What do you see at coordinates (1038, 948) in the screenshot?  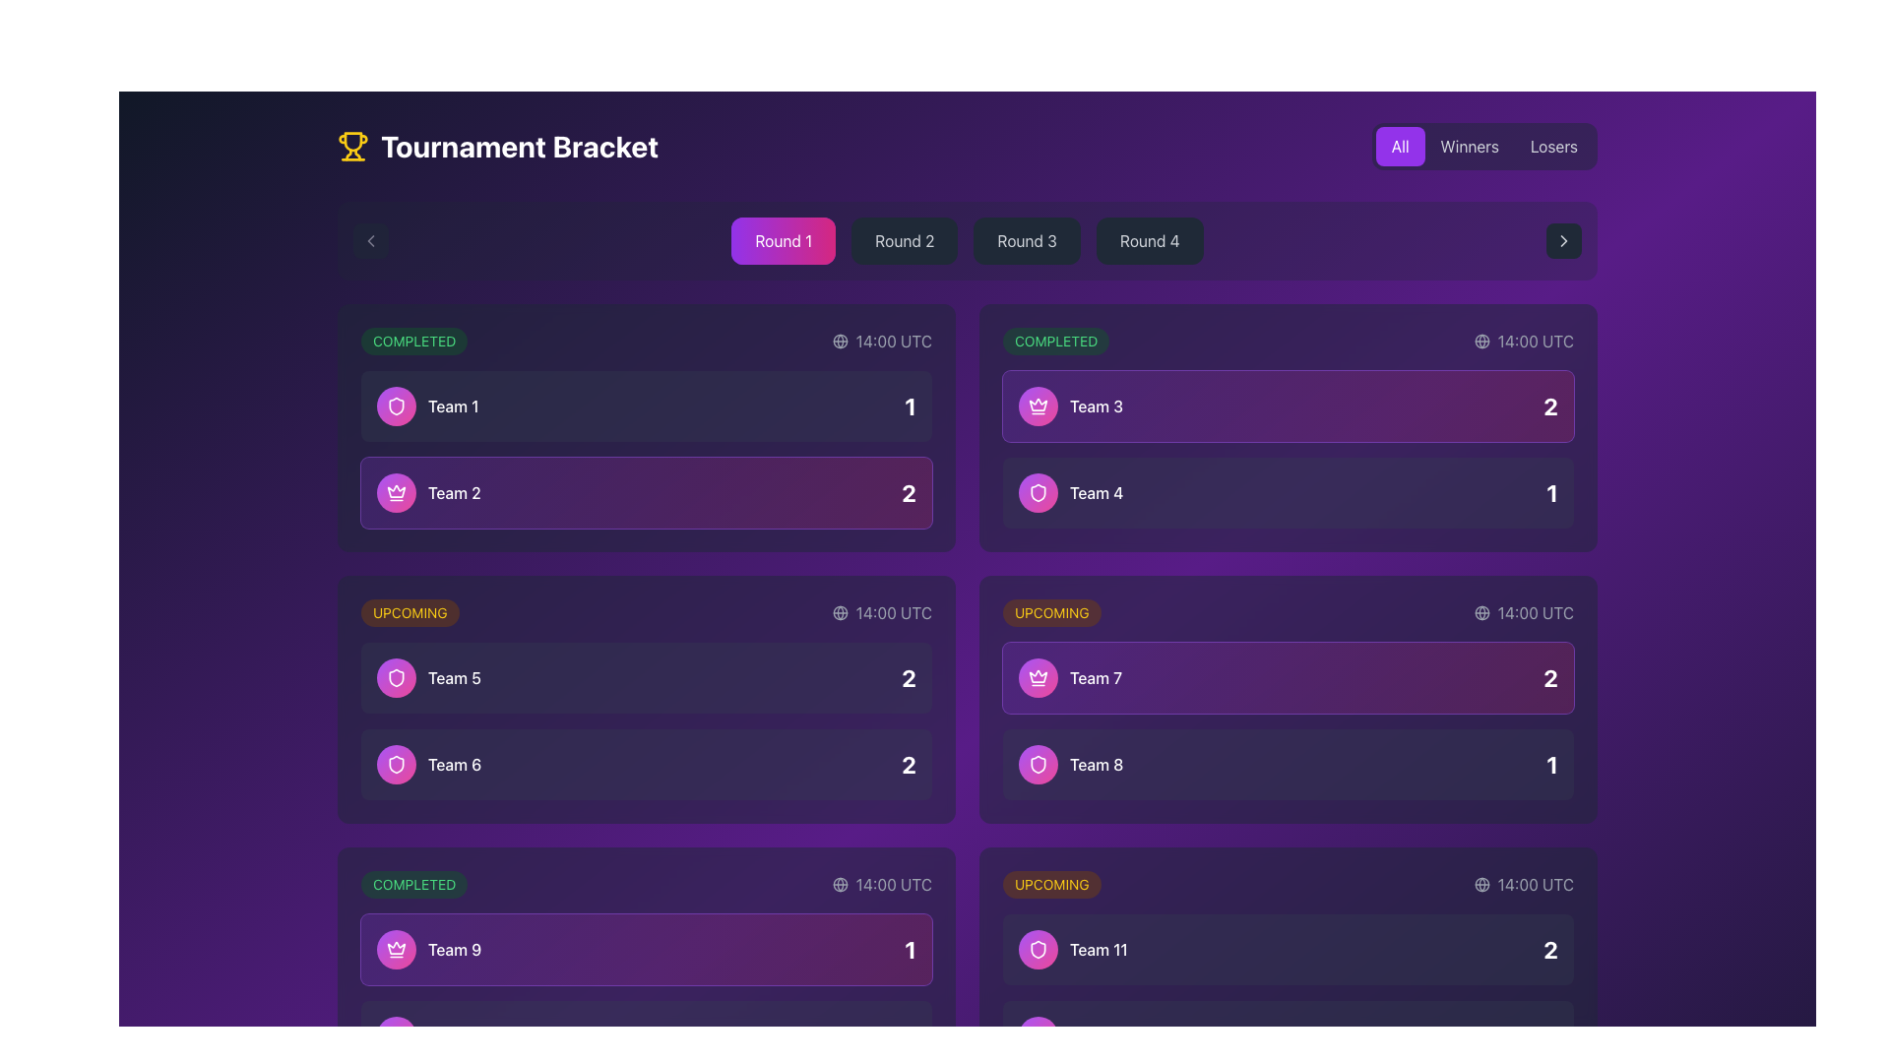 I see `the shield icon representing protection for Team 8 located in the 'Upcoming' section of the bracket` at bounding box center [1038, 948].